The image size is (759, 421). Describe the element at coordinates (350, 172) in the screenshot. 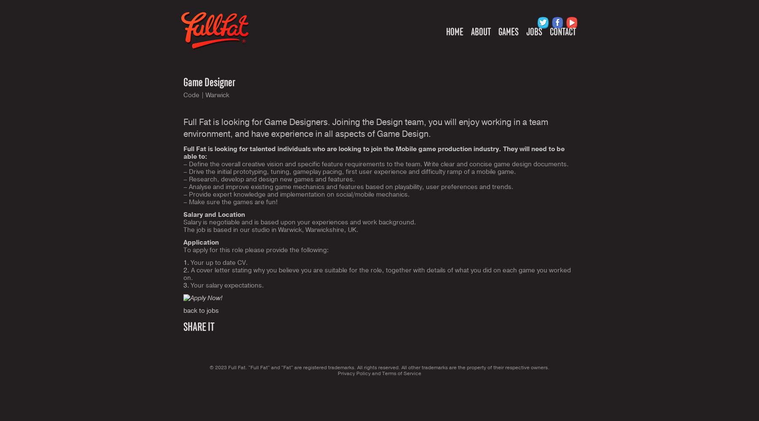

I see `'– Drive the initial prototyping, tuning, gameplay pacing, first user experience and difficulty ramp of a mobile game.'` at that location.